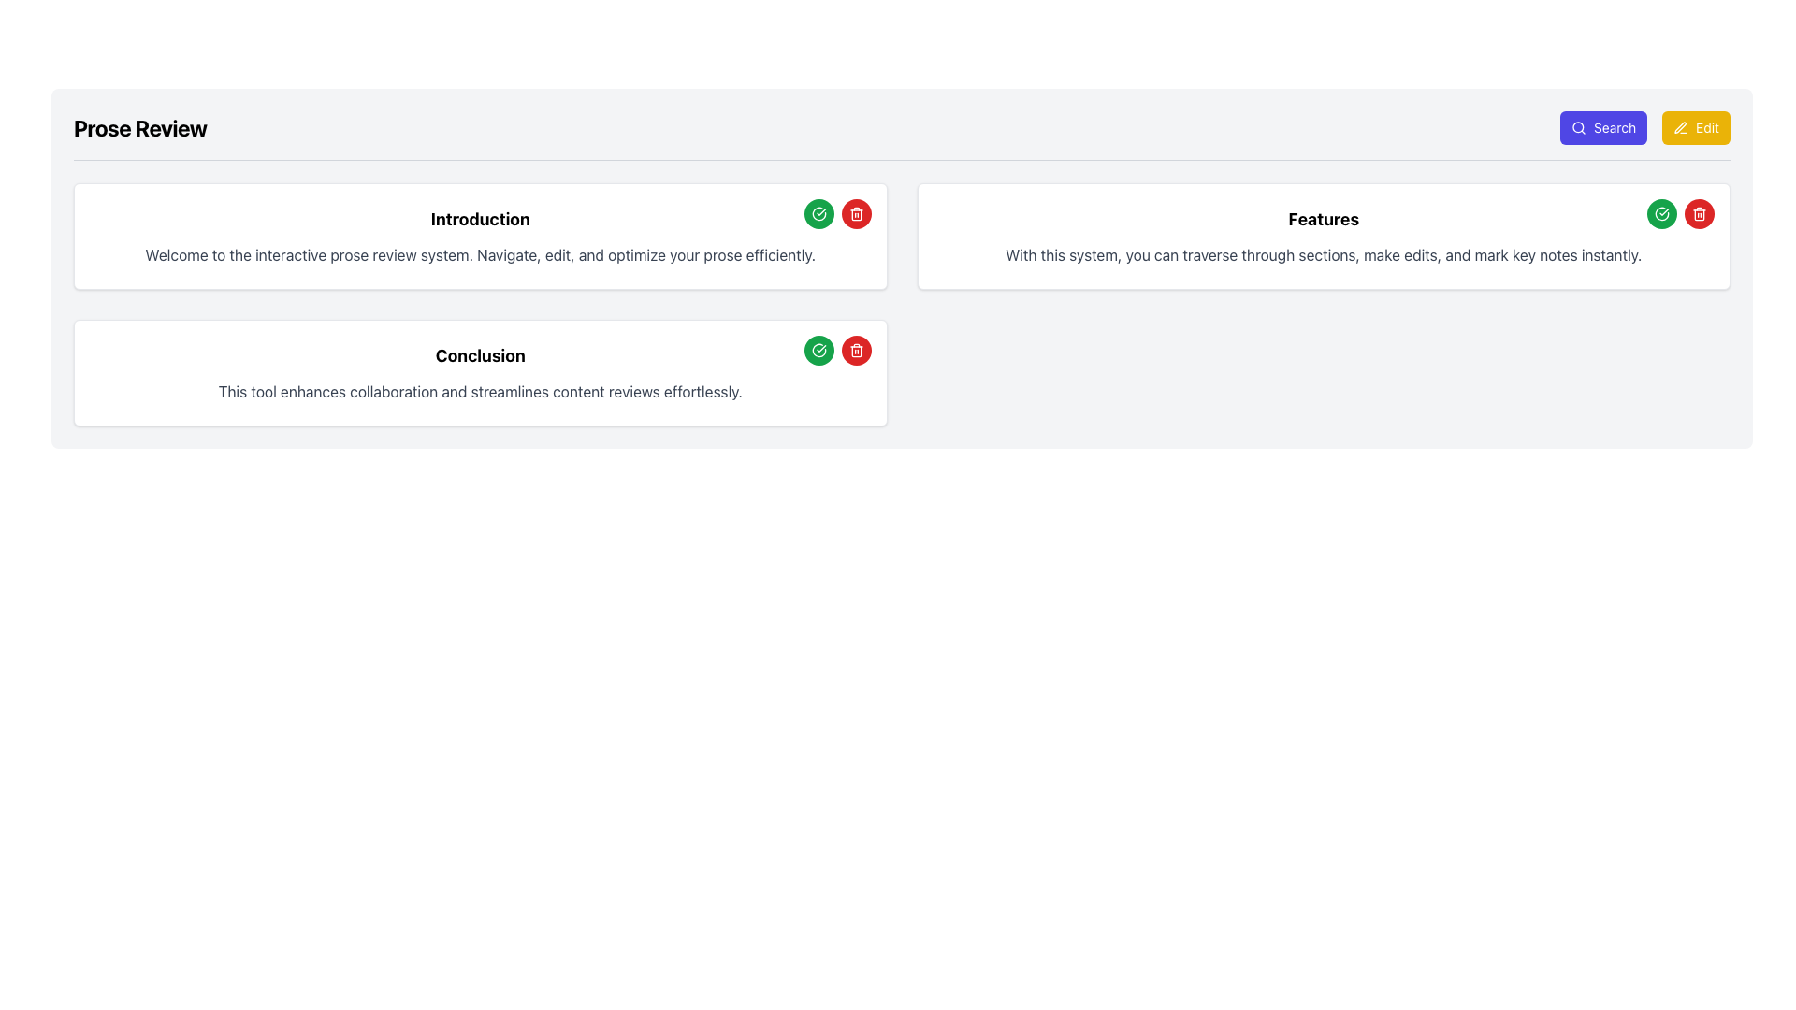 This screenshot has width=1796, height=1010. What do you see at coordinates (1614, 127) in the screenshot?
I see `on the 'Search' text label located within the purple button in the top-right corner of the interface` at bounding box center [1614, 127].